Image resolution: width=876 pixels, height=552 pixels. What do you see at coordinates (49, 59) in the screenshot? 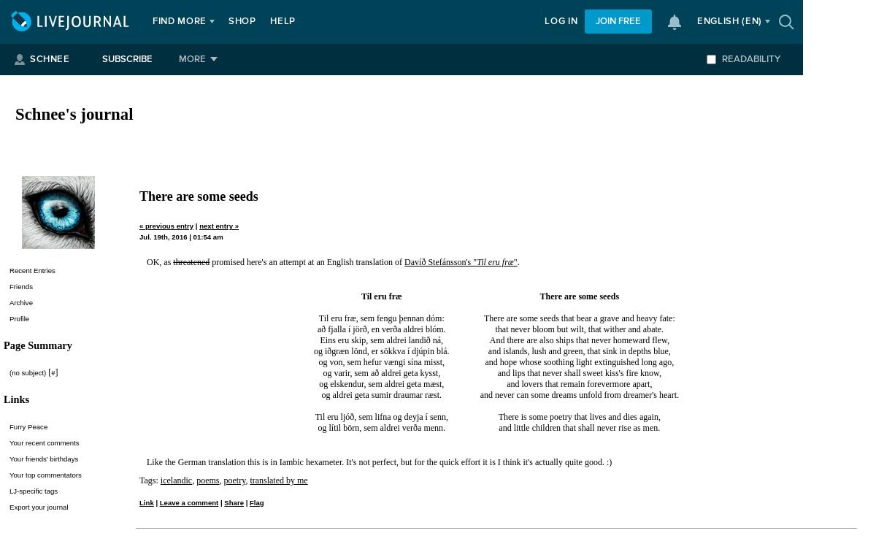
I see `'schnee'` at bounding box center [49, 59].